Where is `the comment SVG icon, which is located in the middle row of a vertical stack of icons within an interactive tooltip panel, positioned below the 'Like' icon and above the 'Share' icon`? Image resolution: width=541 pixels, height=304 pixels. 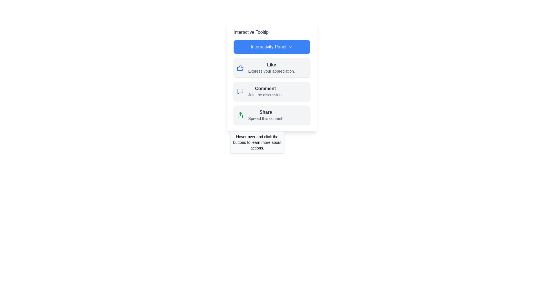
the comment SVG icon, which is located in the middle row of a vertical stack of icons within an interactive tooltip panel, positioned below the 'Like' icon and above the 'Share' icon is located at coordinates (240, 91).